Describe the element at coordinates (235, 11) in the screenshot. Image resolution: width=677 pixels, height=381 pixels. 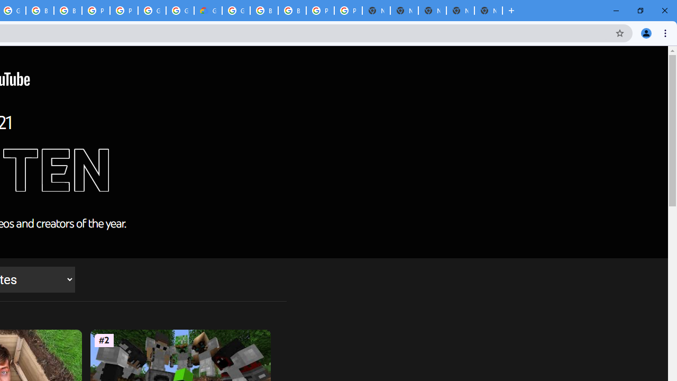
I see `'Google Cloud Platform'` at that location.